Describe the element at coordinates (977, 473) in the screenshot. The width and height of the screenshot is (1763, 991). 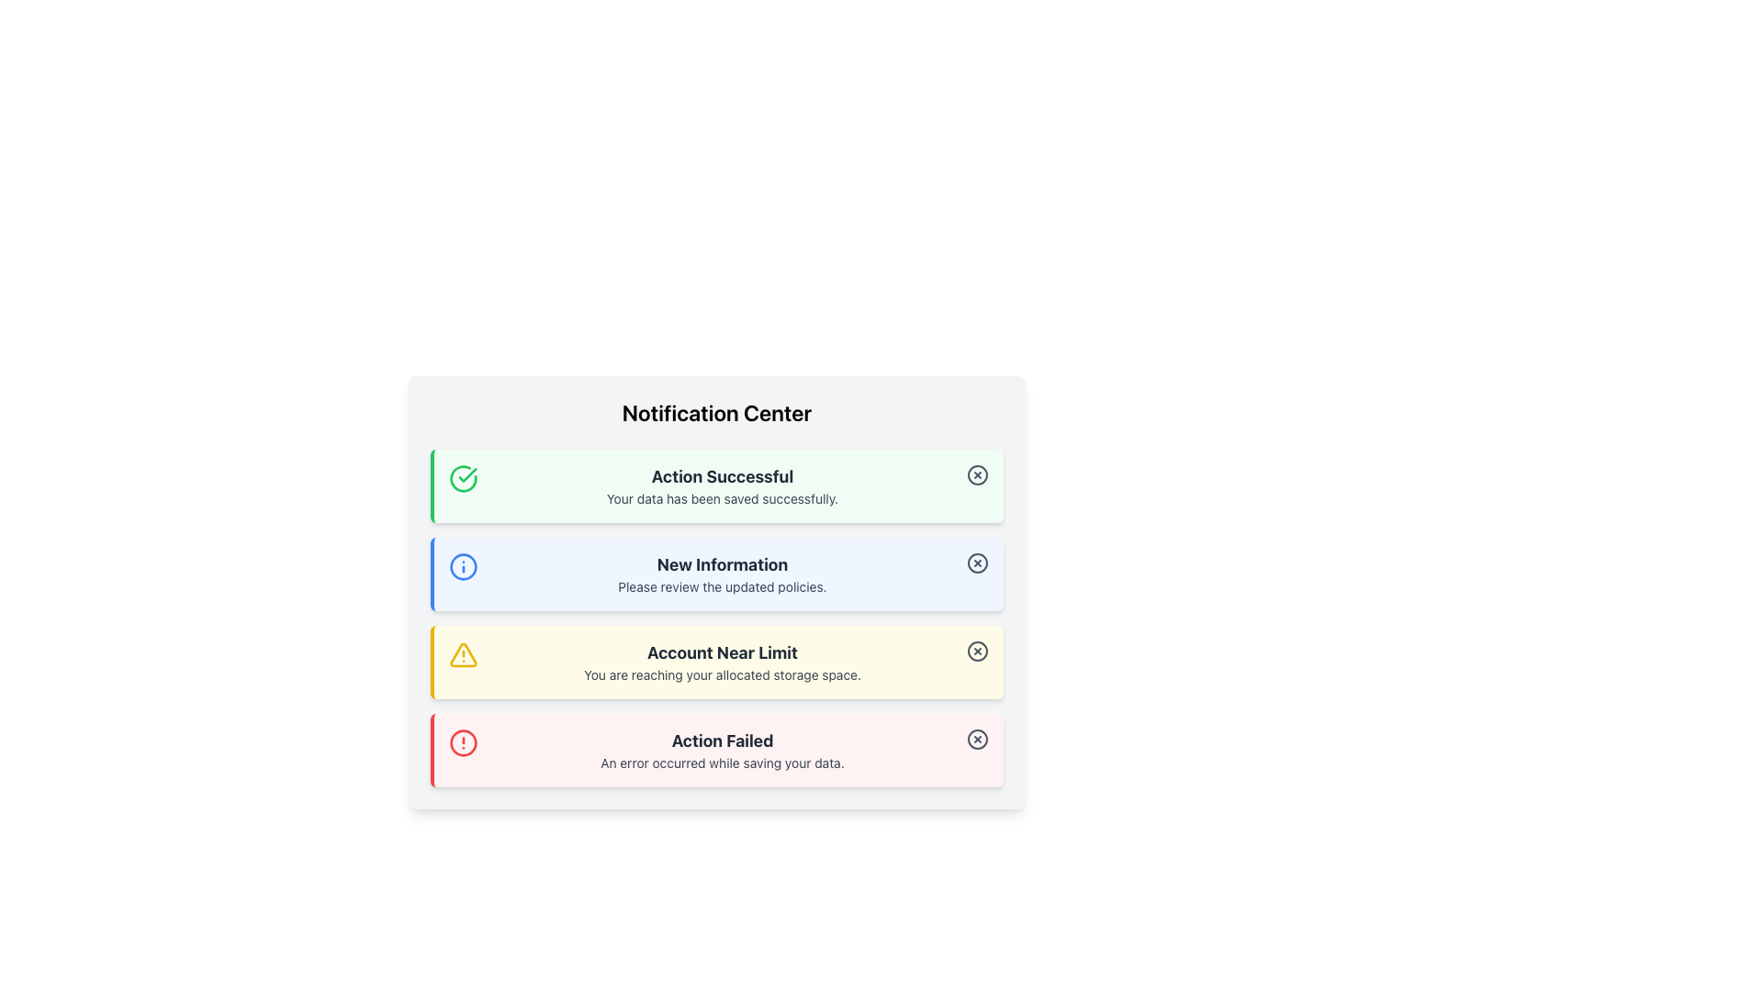
I see `the close button located on the right side of the notification bar titled 'Action Successful' to receive interaction feedback` at that location.